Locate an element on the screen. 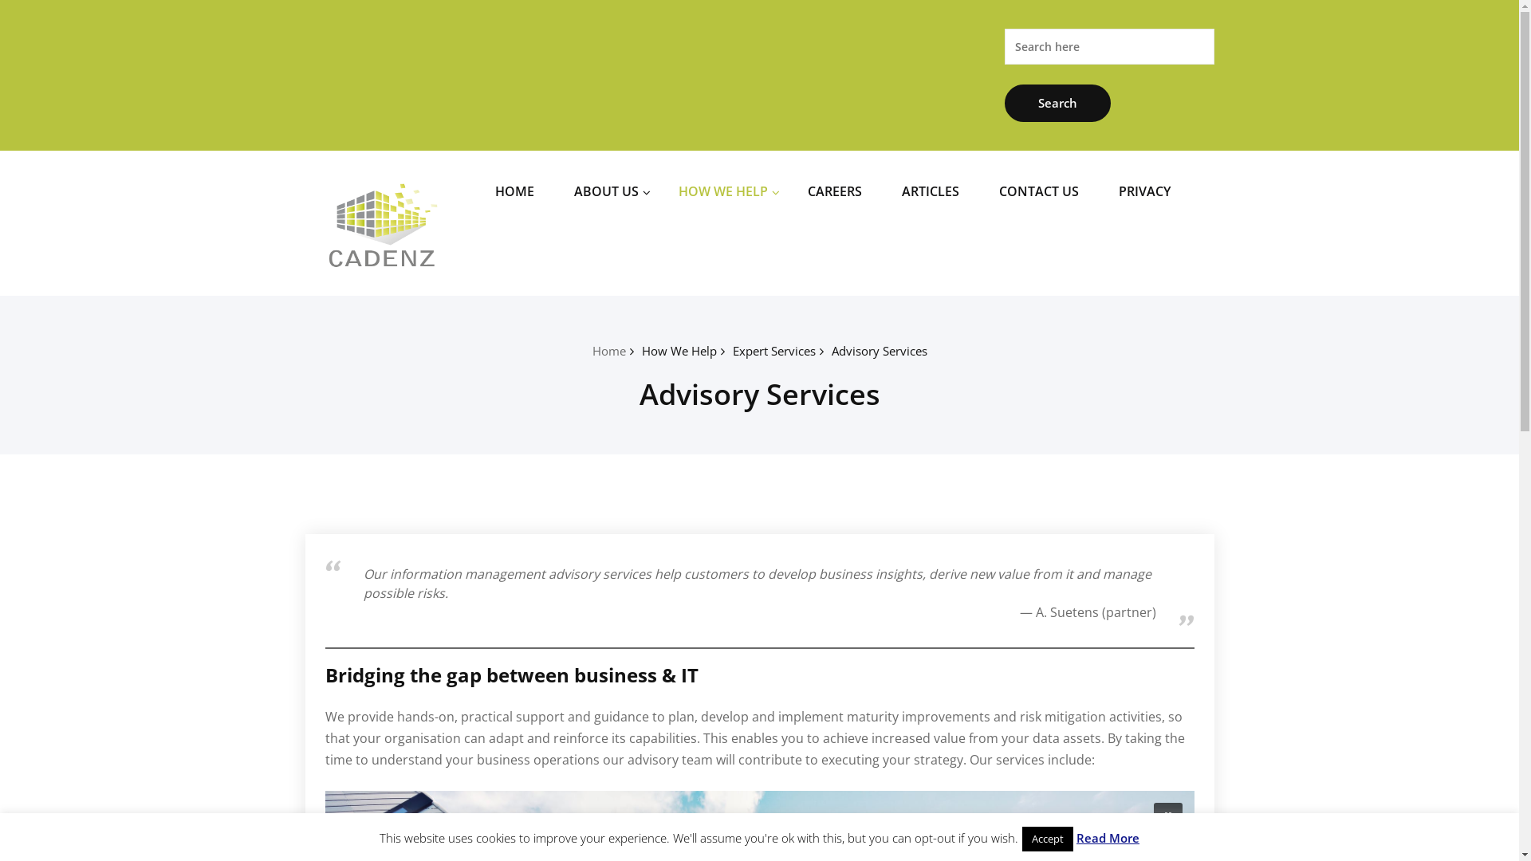 This screenshot has height=861, width=1531. 'CONTACT US' is located at coordinates (1038, 190).